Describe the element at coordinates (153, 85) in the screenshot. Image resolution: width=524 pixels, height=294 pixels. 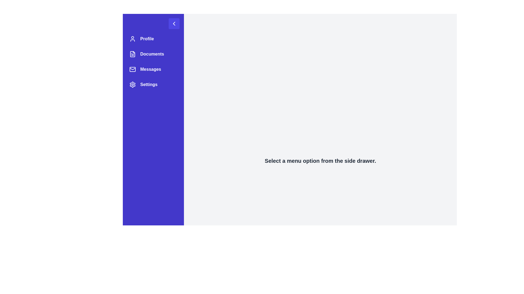
I see `the Navigation Button, which is the fourth entry in the vertical menu on the left side, displaying a gear icon and the text 'Settings' with a purple background` at that location.